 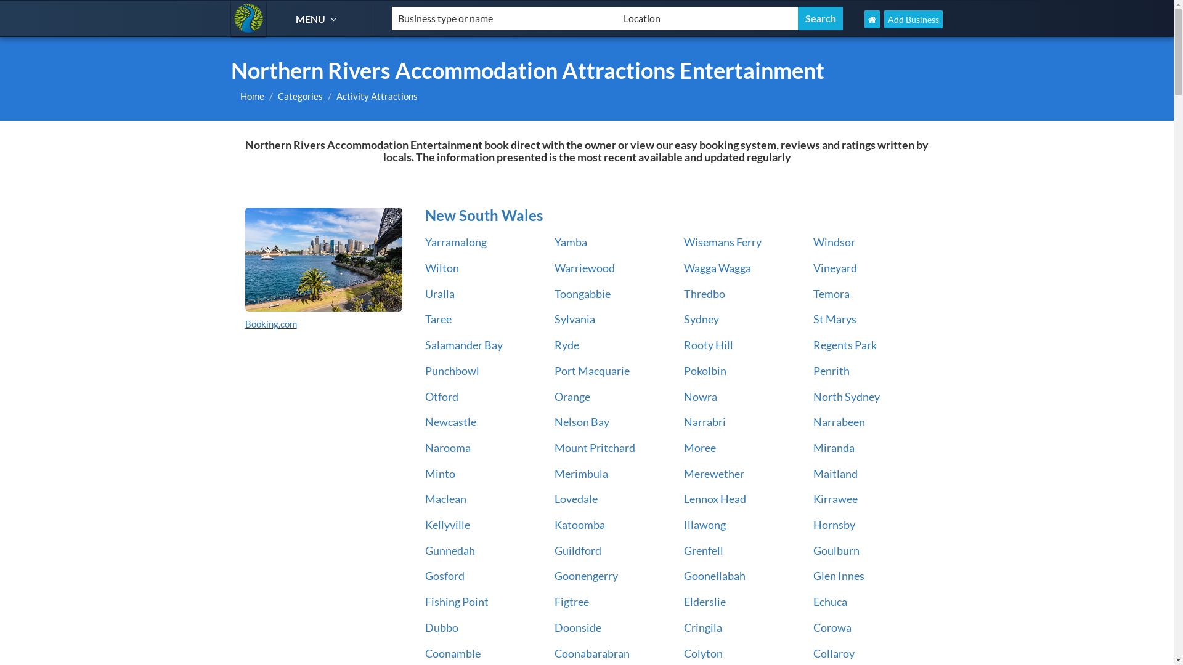 What do you see at coordinates (425, 627) in the screenshot?
I see `'Dubbo'` at bounding box center [425, 627].